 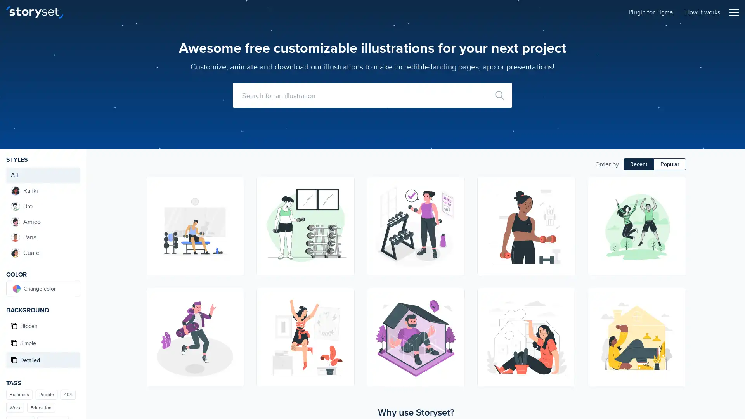 What do you see at coordinates (344, 311) in the screenshot?
I see `download icon Download` at bounding box center [344, 311].